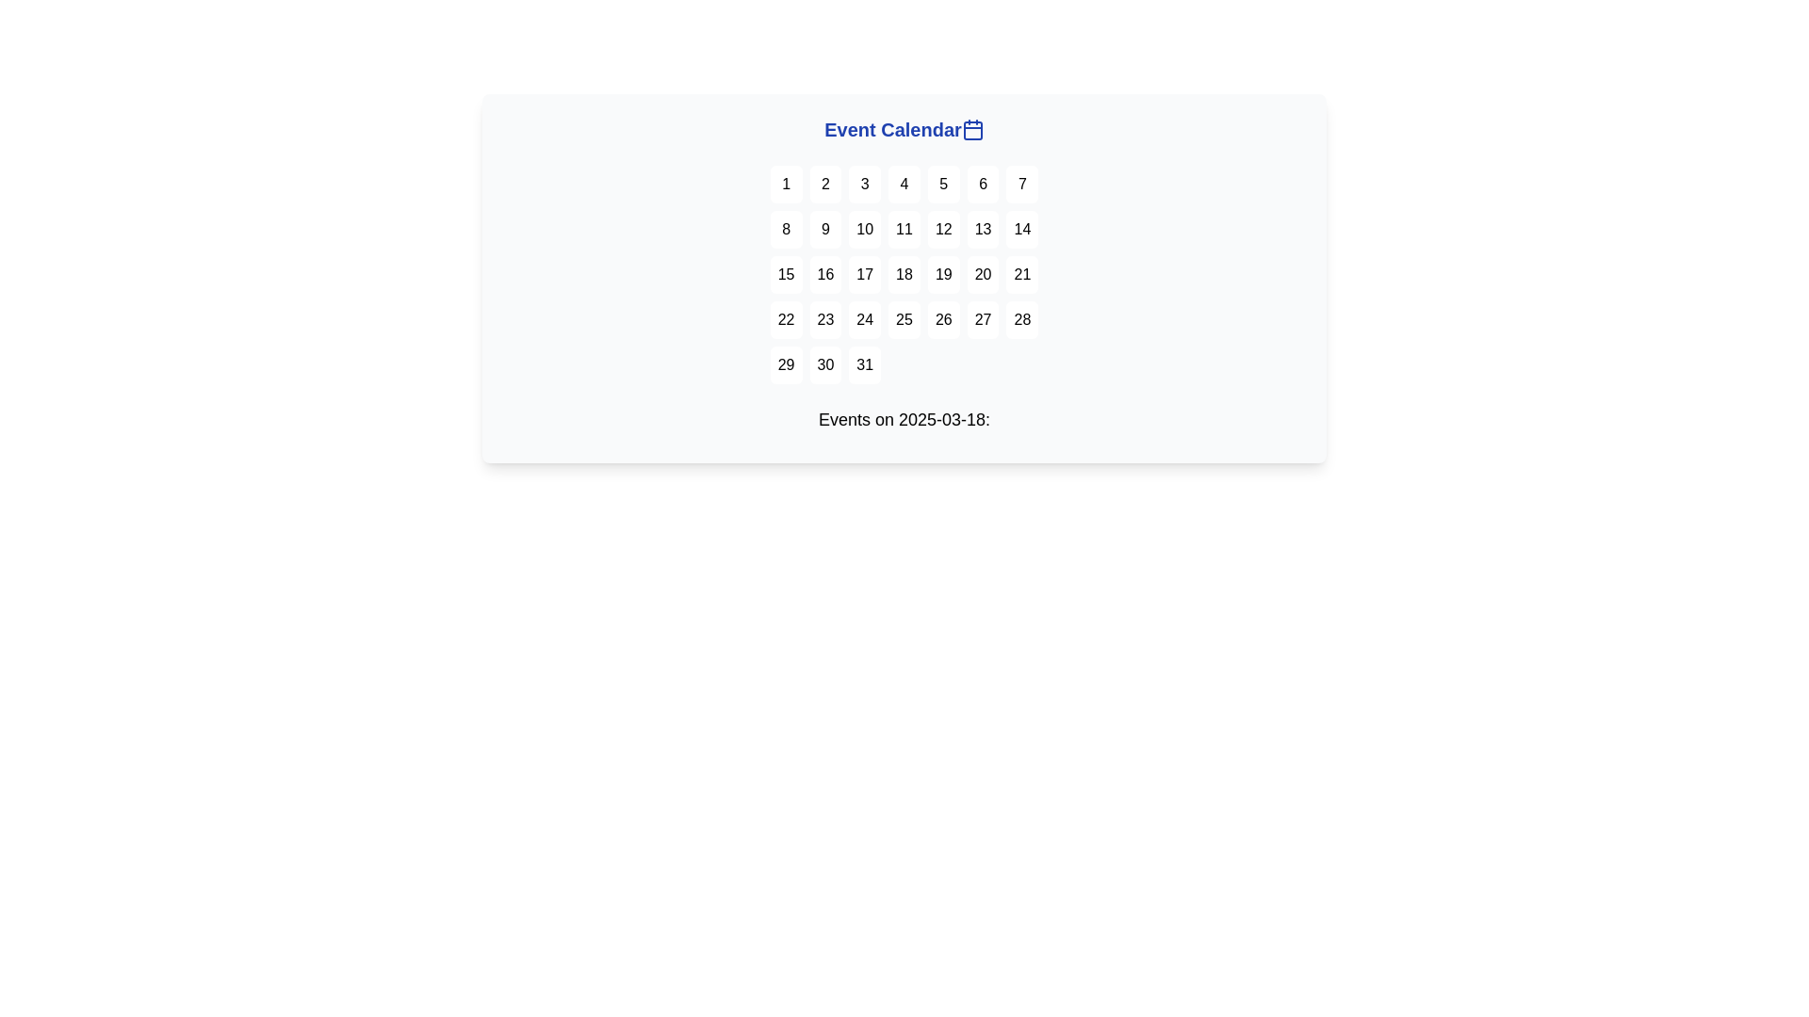 The image size is (1809, 1017). I want to click on the 'Event Calendar' text label which is prominently displayed in a bold, large blue font at the top of the main content area, so click(891, 129).